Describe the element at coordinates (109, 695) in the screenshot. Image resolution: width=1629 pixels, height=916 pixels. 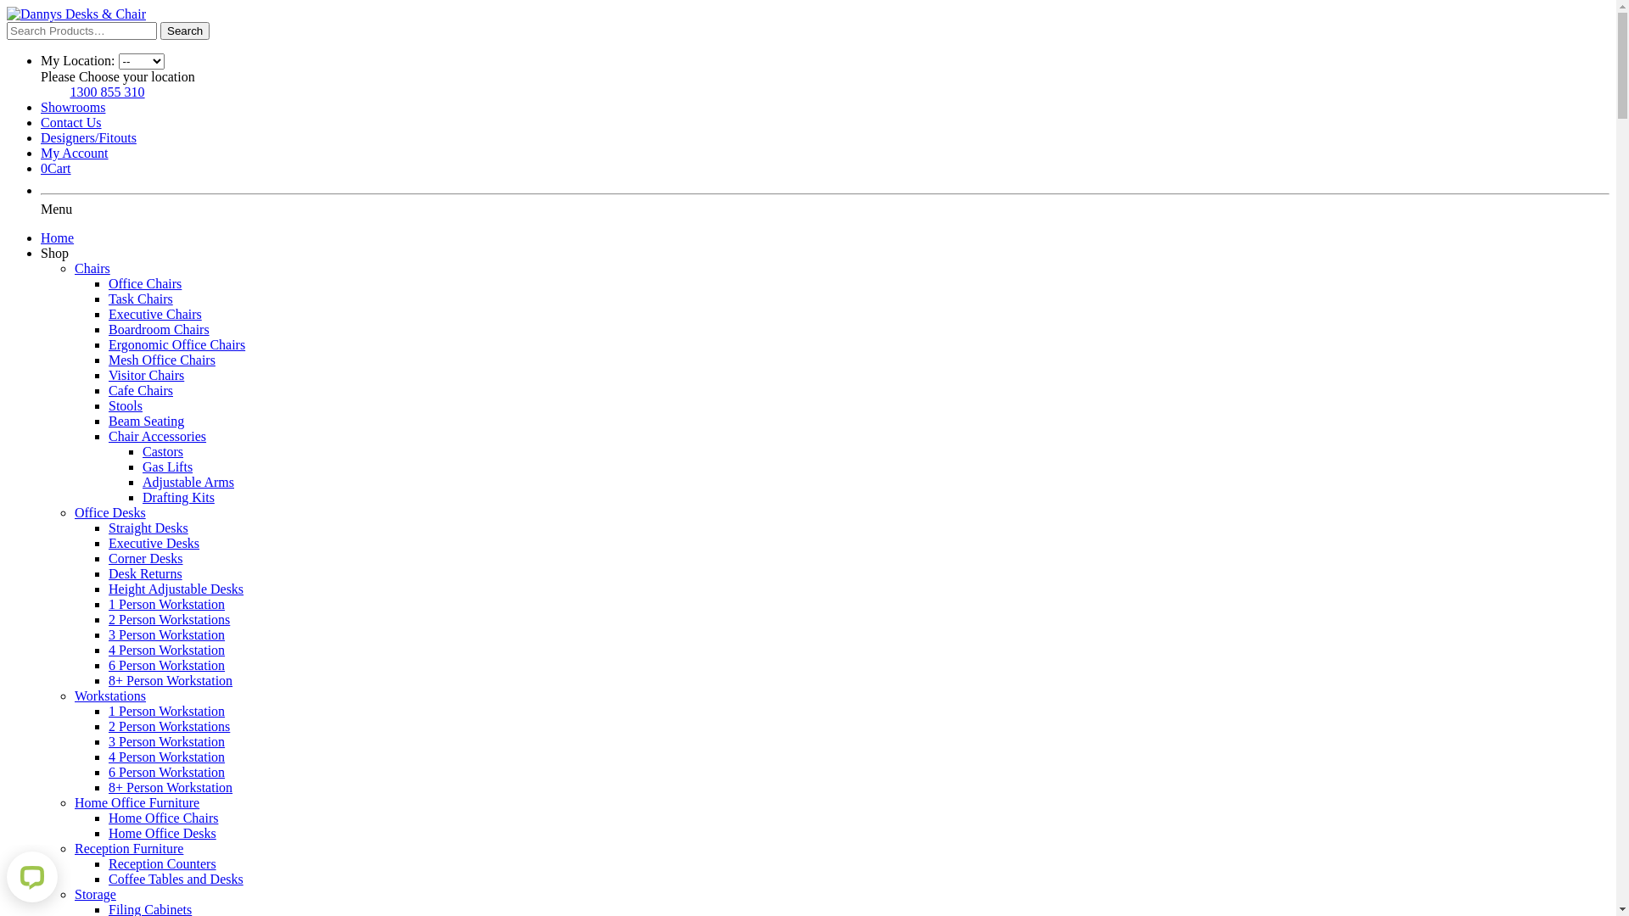
I see `'Workstations'` at that location.